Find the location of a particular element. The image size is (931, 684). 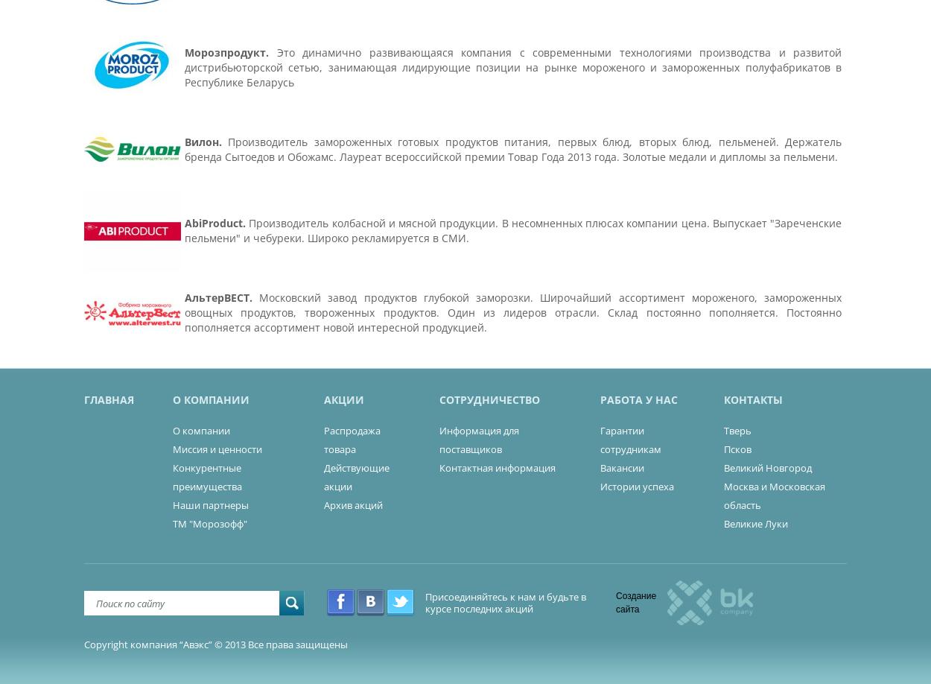

'ТМ "Морозофф"' is located at coordinates (171, 523).